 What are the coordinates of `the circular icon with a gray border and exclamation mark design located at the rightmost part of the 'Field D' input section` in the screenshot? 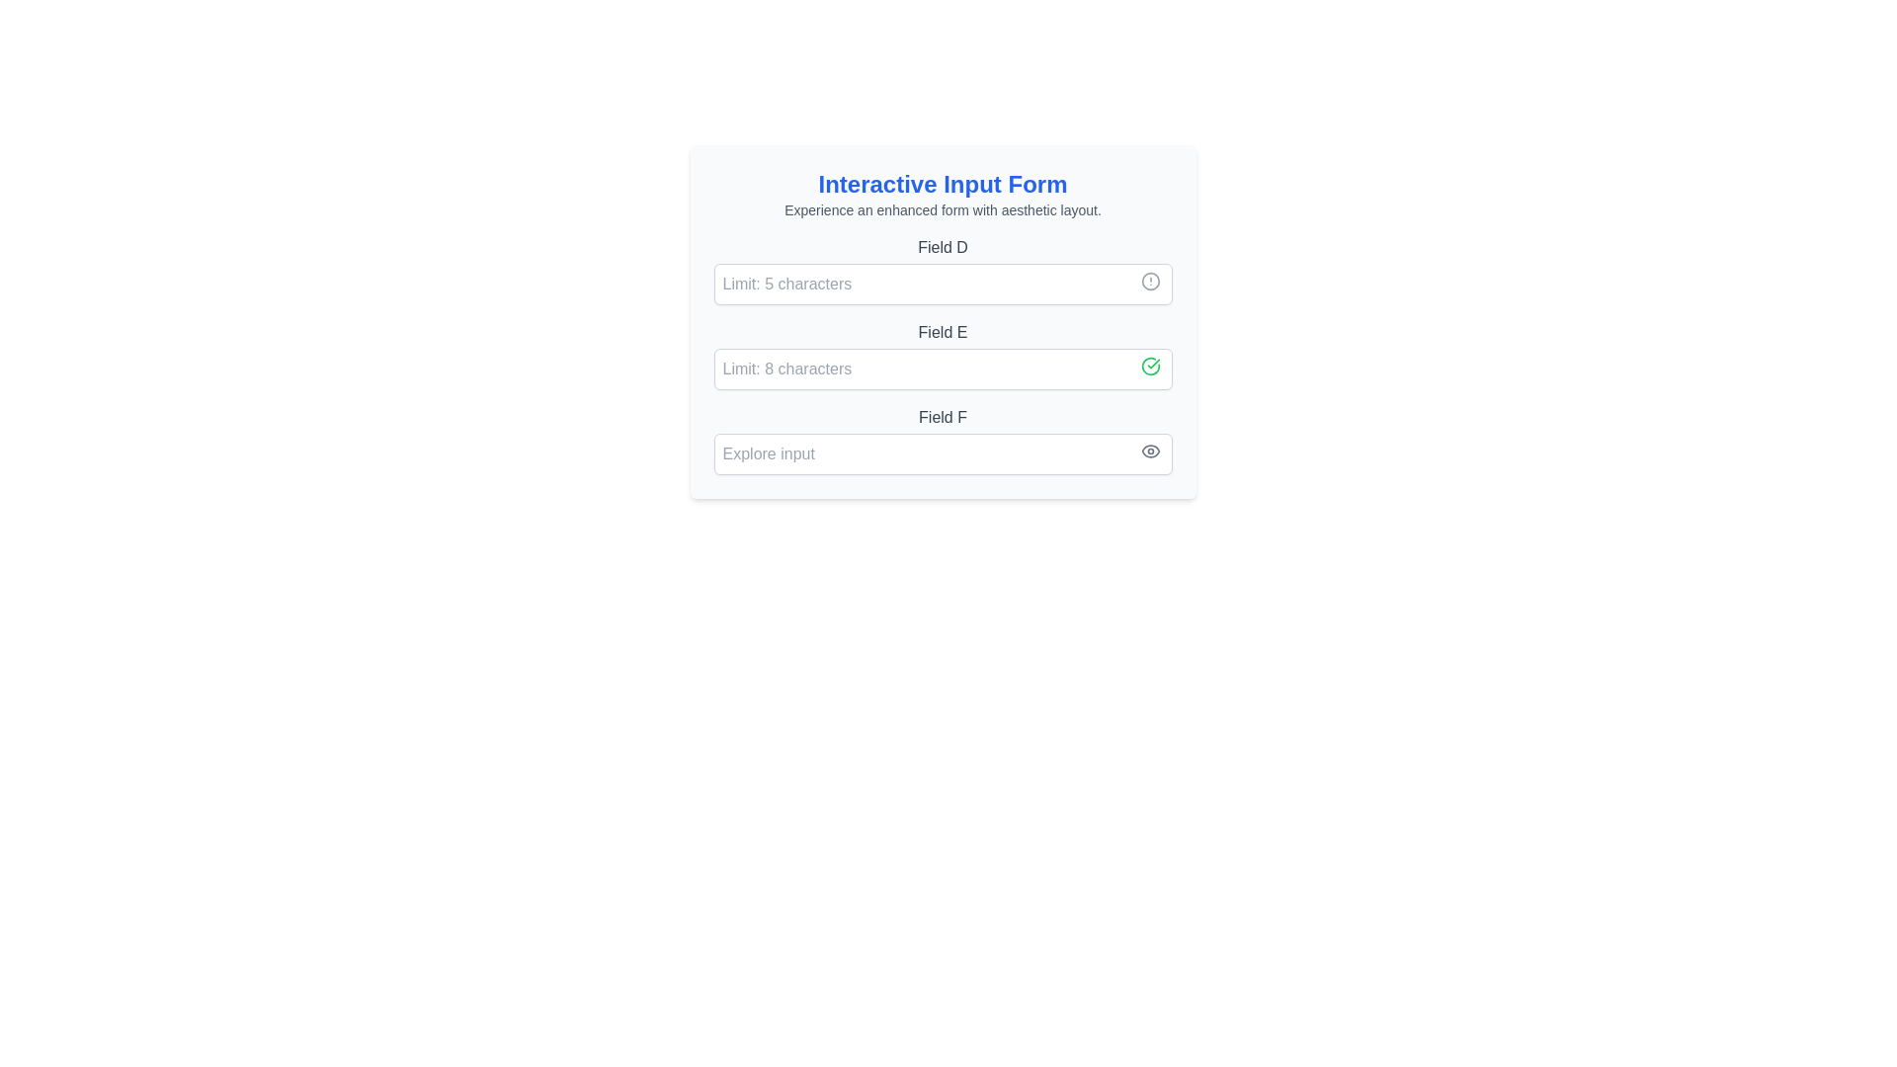 It's located at (1150, 282).